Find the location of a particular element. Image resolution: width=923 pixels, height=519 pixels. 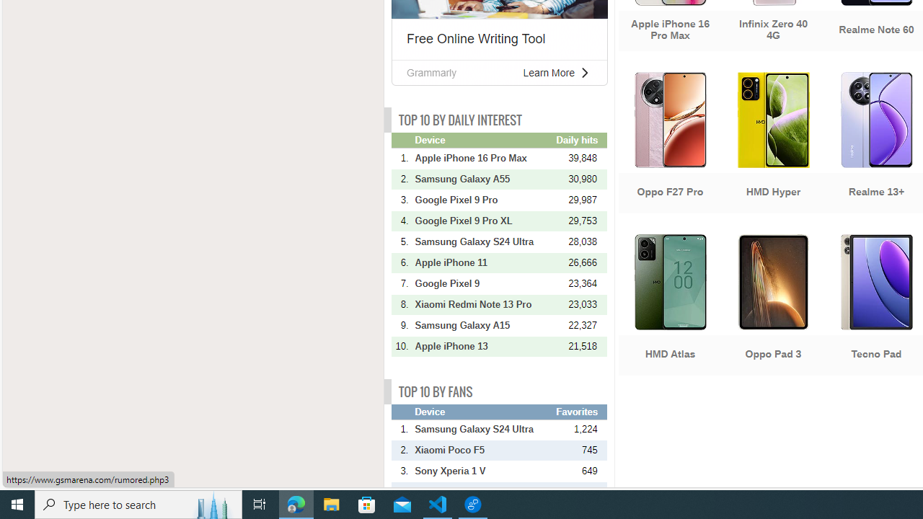

'Google Pixel 9 Pro' is located at coordinates (484, 200).